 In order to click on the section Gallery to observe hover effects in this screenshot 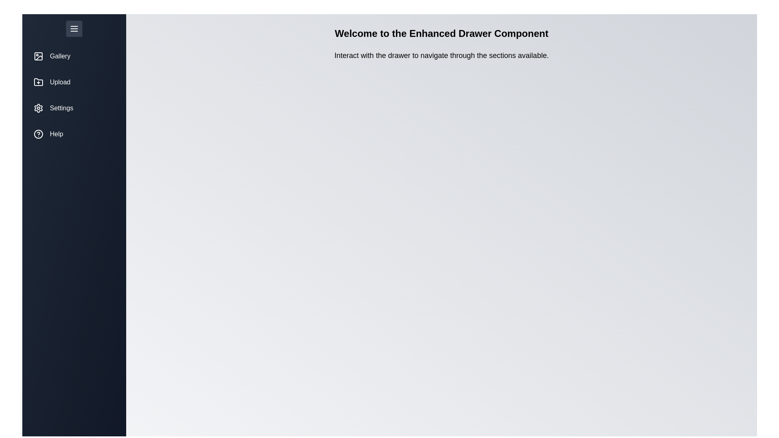, I will do `click(74, 56)`.